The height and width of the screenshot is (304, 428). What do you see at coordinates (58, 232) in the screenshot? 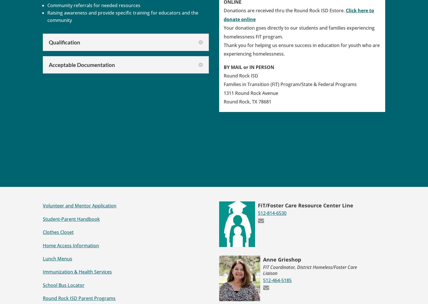
I see `'Clothes Closet'` at bounding box center [58, 232].